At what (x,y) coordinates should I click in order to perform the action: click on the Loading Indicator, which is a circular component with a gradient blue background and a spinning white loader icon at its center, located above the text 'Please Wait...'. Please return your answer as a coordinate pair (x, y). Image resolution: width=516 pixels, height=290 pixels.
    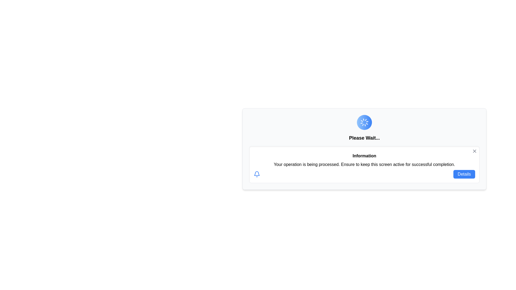
    Looking at the image, I should click on (364, 122).